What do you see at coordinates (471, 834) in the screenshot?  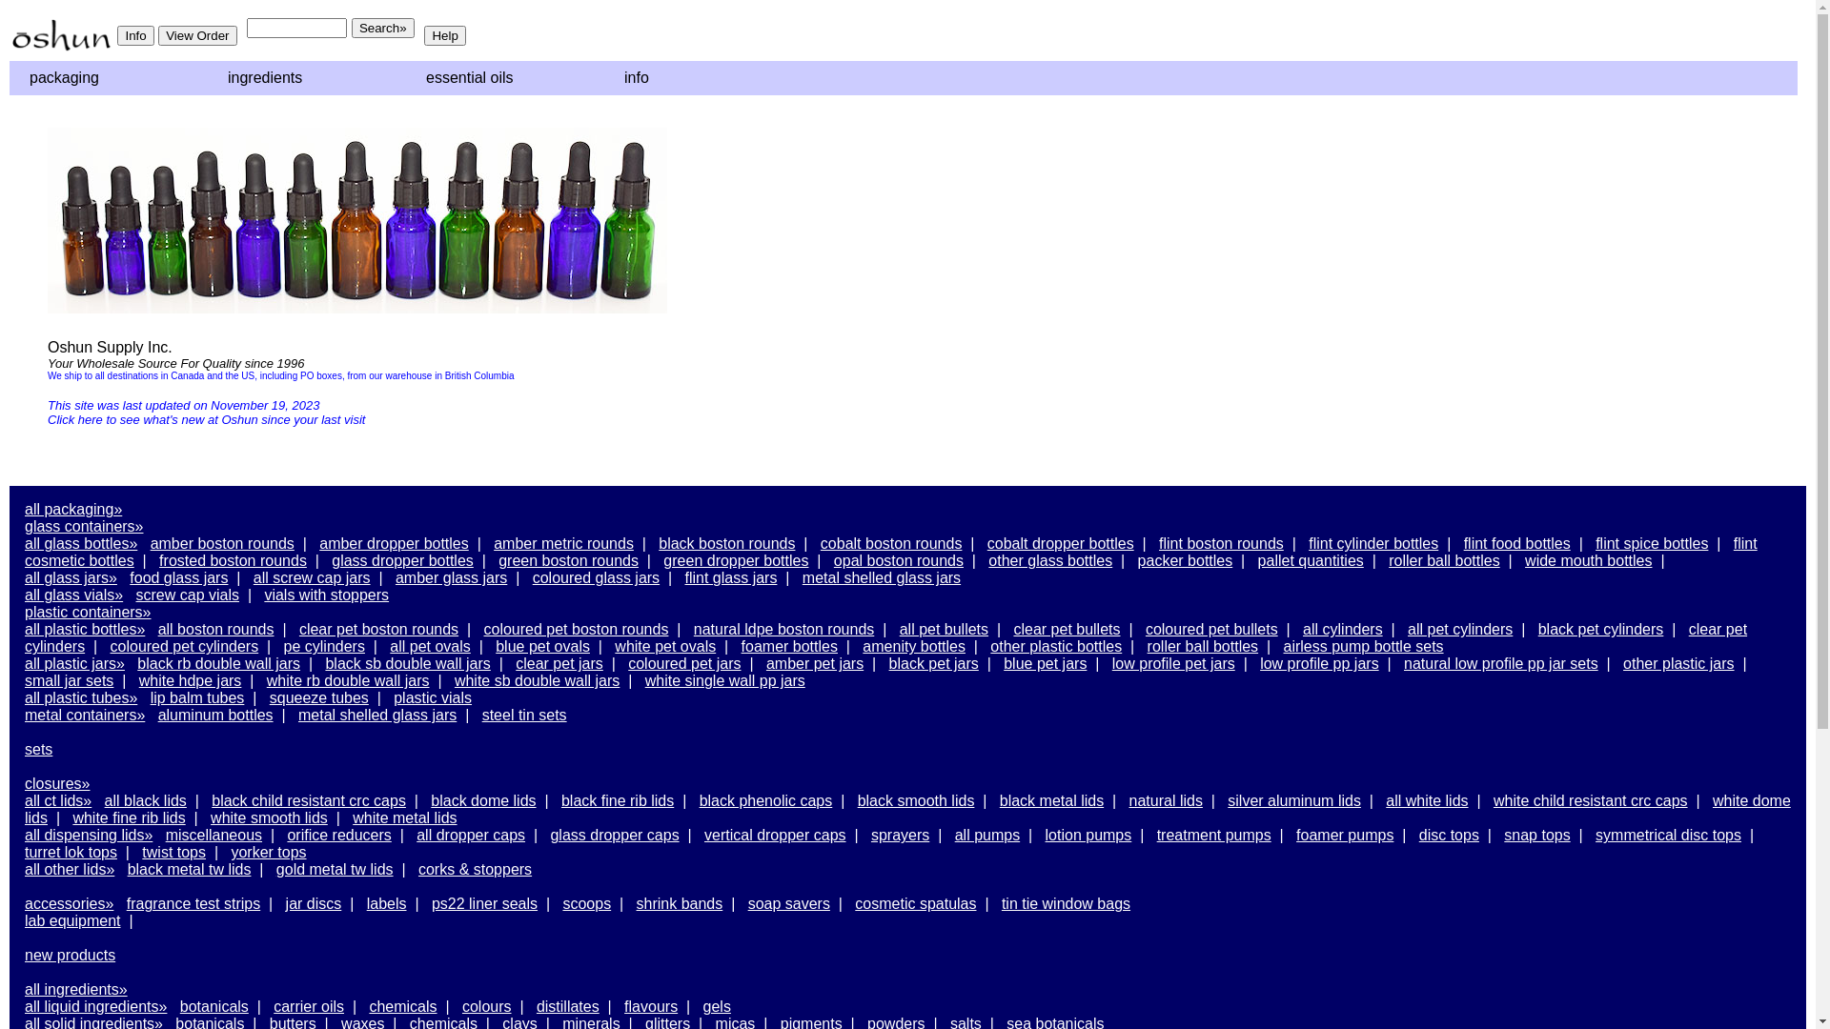 I see `'all dropper caps'` at bounding box center [471, 834].